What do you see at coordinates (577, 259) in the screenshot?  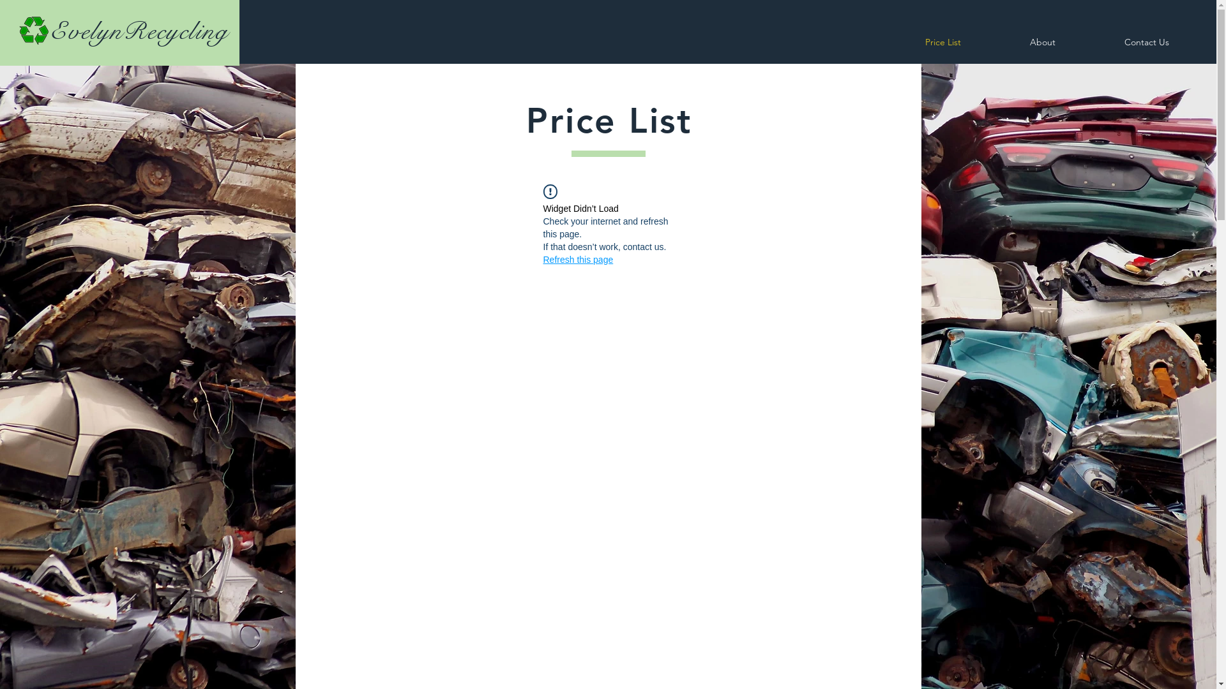 I see `'Refresh this page'` at bounding box center [577, 259].